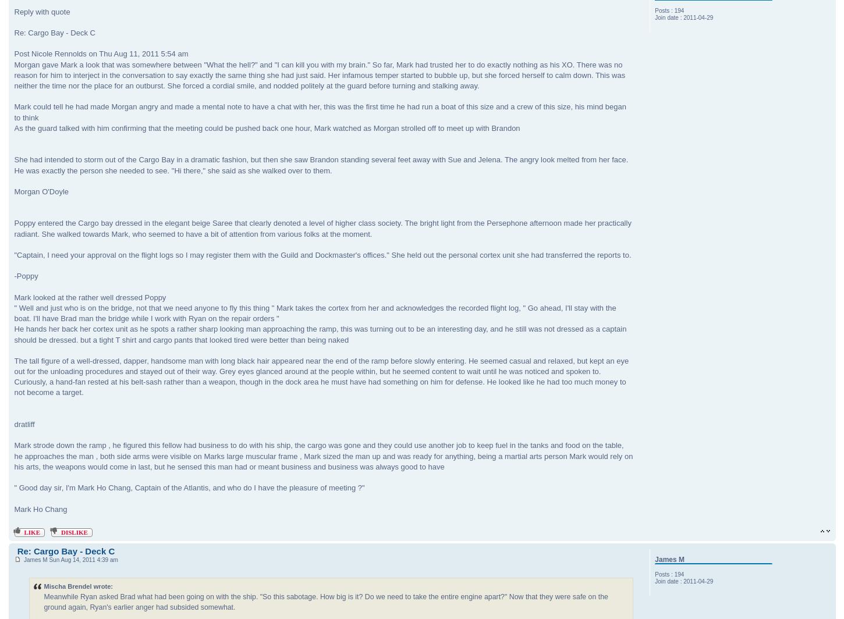 This screenshot has height=619, width=844. Describe the element at coordinates (14, 312) in the screenshot. I see `'" Well and just who is on the bridge, not that we need anyone to fly this thing " Mark takes the cortex from her and acknowledges the recorded flight log, " Go ahead, I'll stay with the boat. I'll have Brad man the bridge while I work with Ryan on the repair orders  "'` at that location.